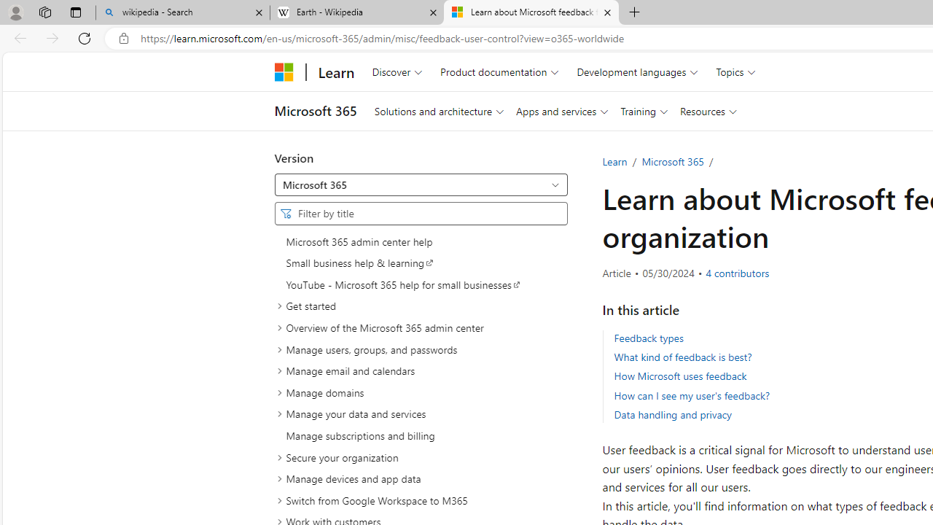  I want to click on 'How Microsoft uses feedback', so click(679, 376).